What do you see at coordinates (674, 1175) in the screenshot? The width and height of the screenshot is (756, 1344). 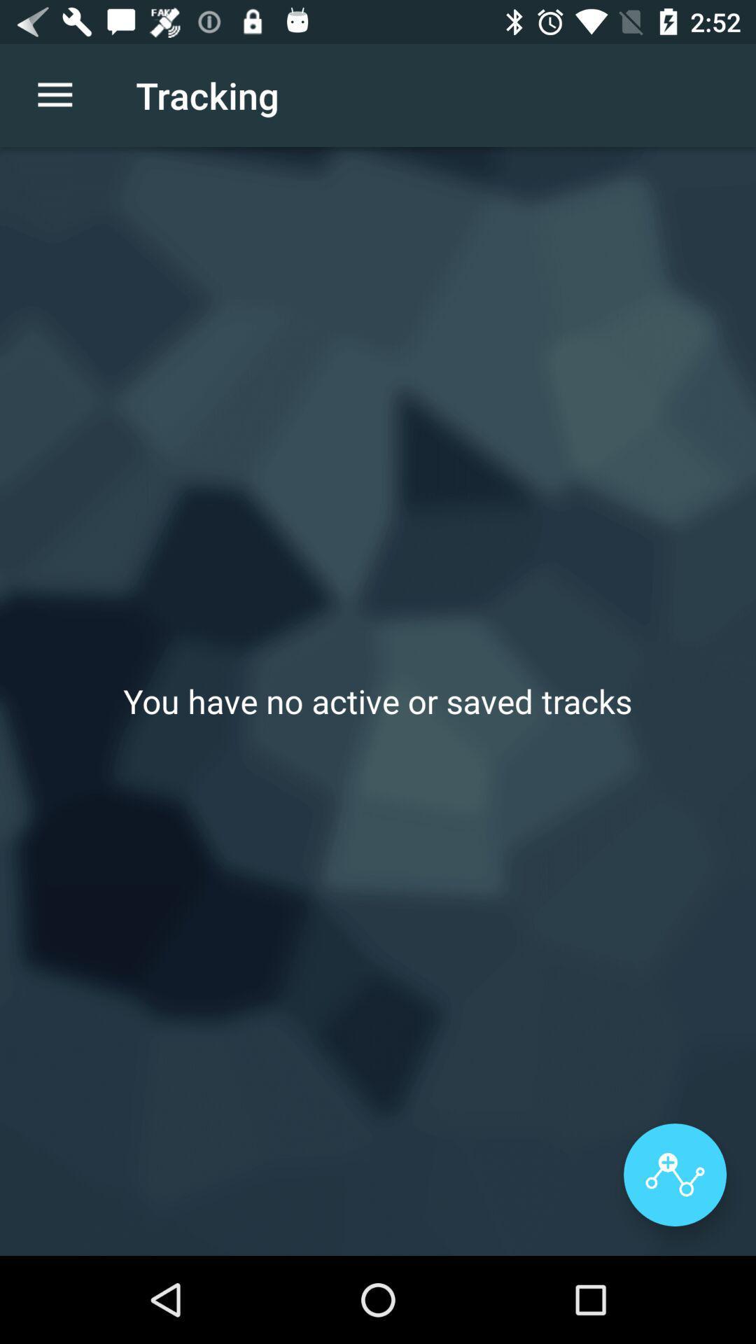 I see `share the article` at bounding box center [674, 1175].